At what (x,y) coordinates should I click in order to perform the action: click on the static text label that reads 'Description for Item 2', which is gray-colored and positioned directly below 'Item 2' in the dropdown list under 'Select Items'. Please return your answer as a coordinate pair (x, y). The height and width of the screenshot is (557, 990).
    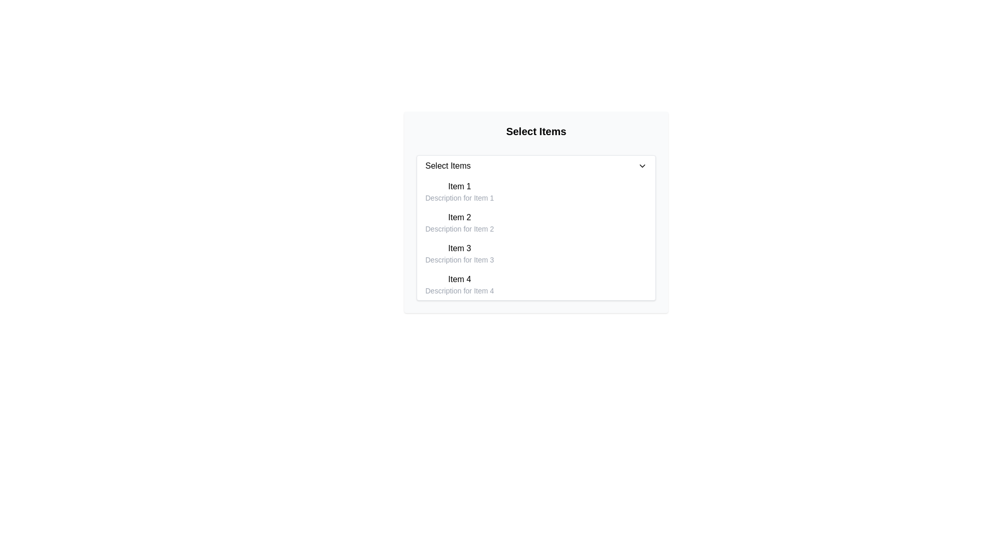
    Looking at the image, I should click on (459, 228).